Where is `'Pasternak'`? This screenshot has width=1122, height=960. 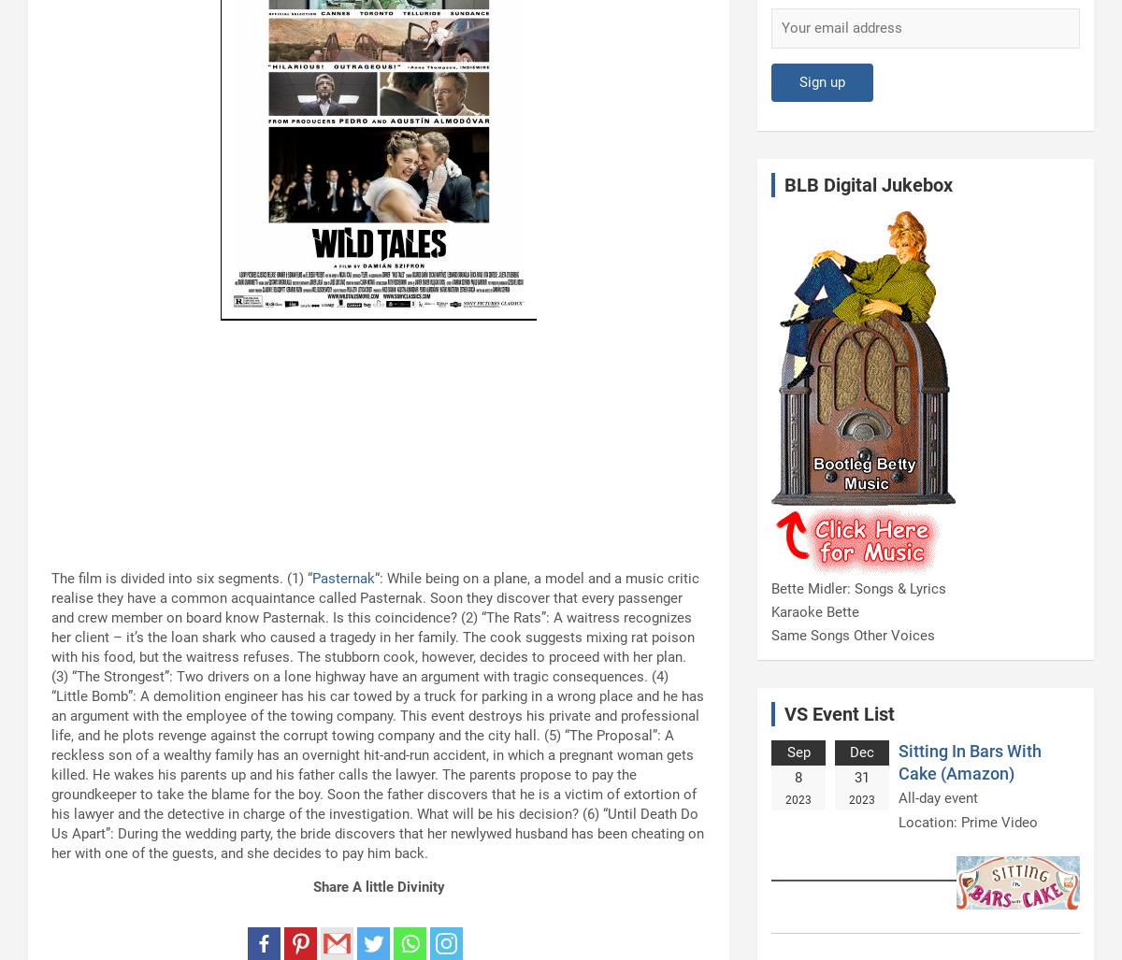 'Pasternak' is located at coordinates (343, 578).